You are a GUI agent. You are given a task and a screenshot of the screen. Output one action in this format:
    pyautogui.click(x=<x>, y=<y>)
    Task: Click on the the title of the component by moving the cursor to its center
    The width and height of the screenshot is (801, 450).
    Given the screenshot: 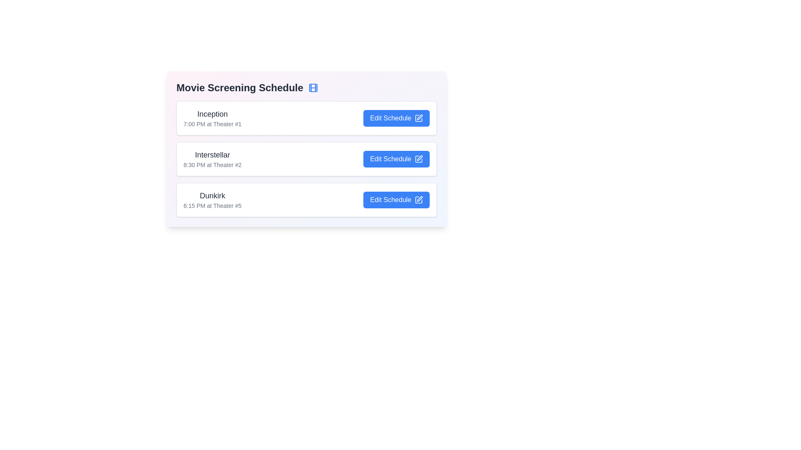 What is the action you would take?
    pyautogui.click(x=306, y=88)
    